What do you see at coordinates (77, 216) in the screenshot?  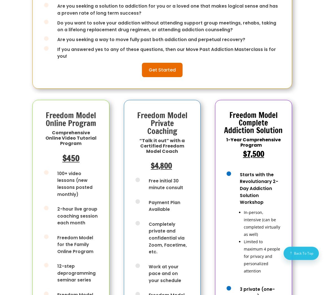 I see `'2-hour live group coaching session each month'` at bounding box center [77, 216].